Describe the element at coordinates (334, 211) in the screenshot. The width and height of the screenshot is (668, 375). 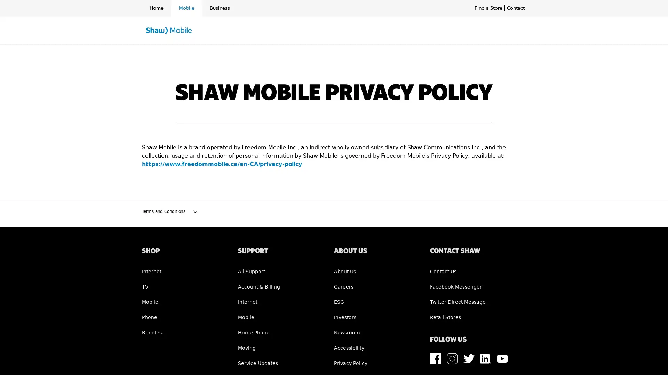
I see `Terms and Conditions` at that location.